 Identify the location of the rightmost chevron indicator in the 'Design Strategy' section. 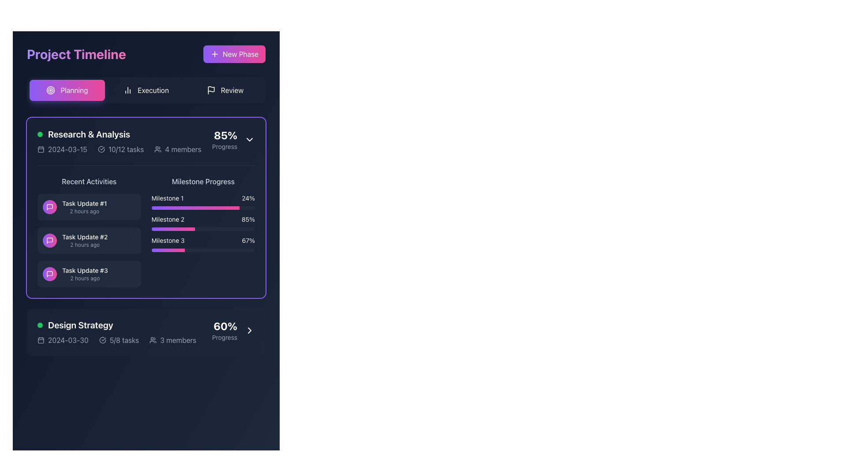
(249, 330).